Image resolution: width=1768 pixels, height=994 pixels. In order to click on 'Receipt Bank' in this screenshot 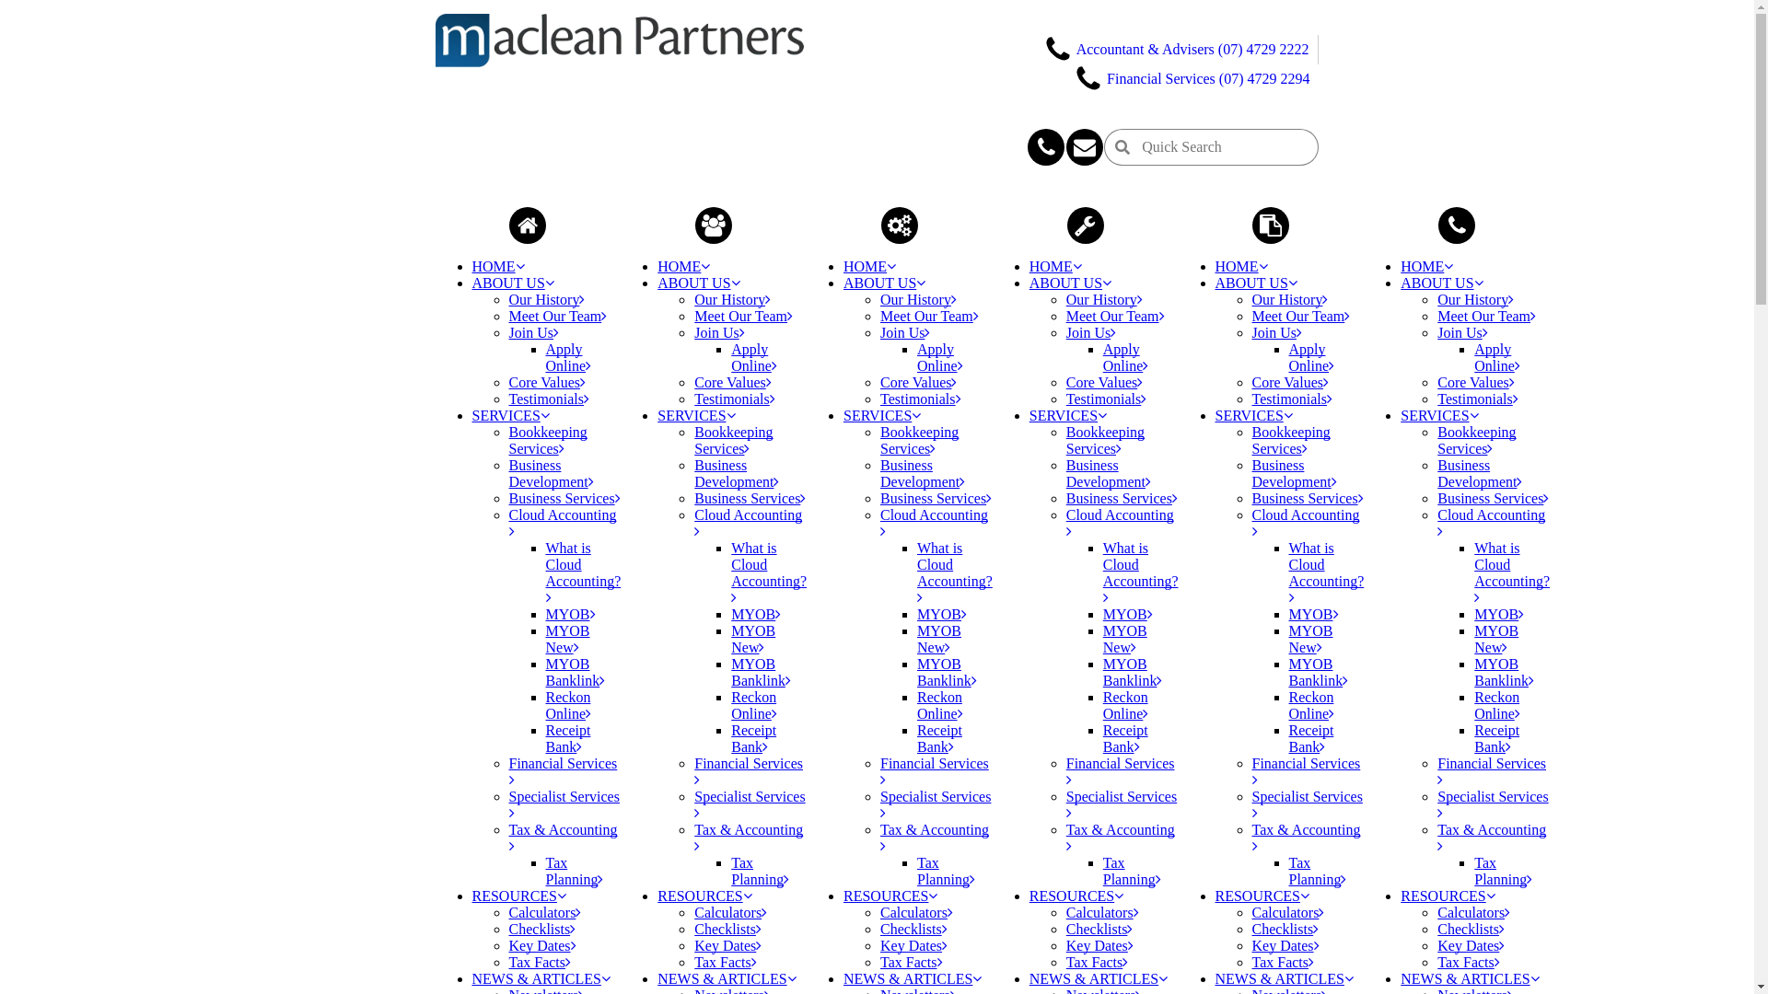, I will do `click(1496, 737)`.